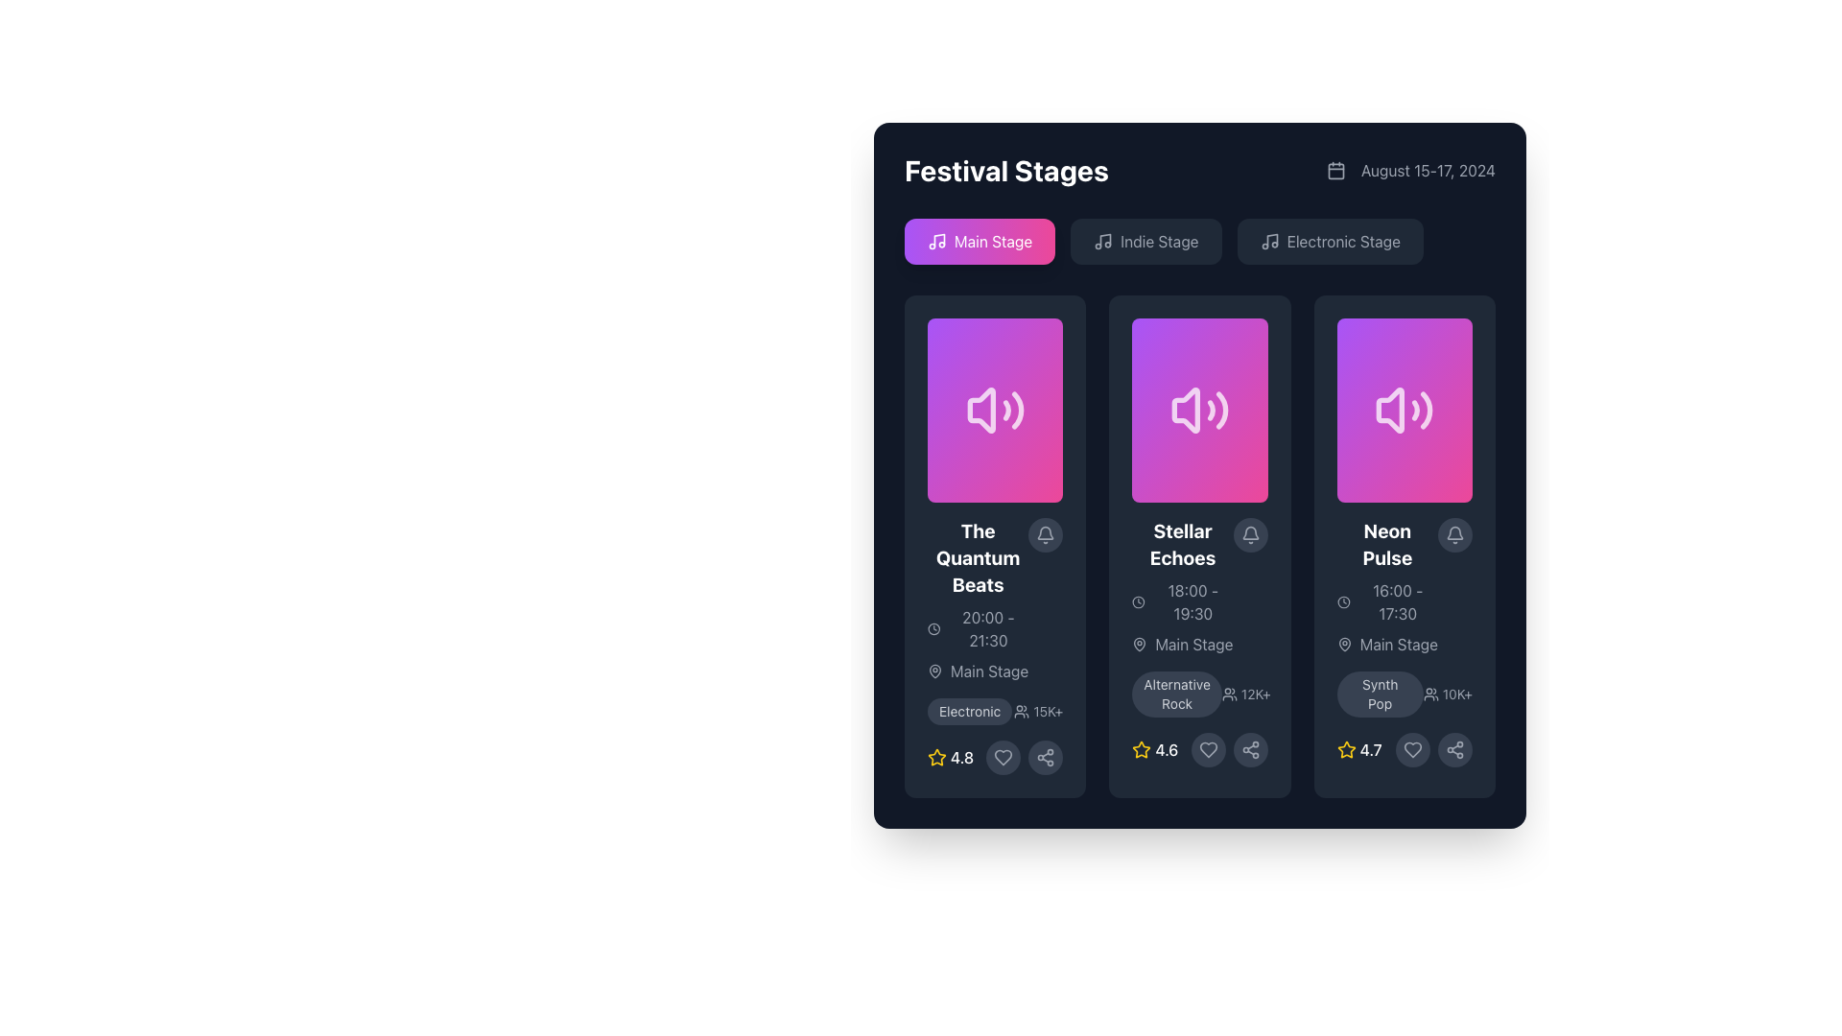  I want to click on the heart icon button located at the bottom section of the 'Stellar Echoes' card to mark the item as a favorite, so click(1207, 749).